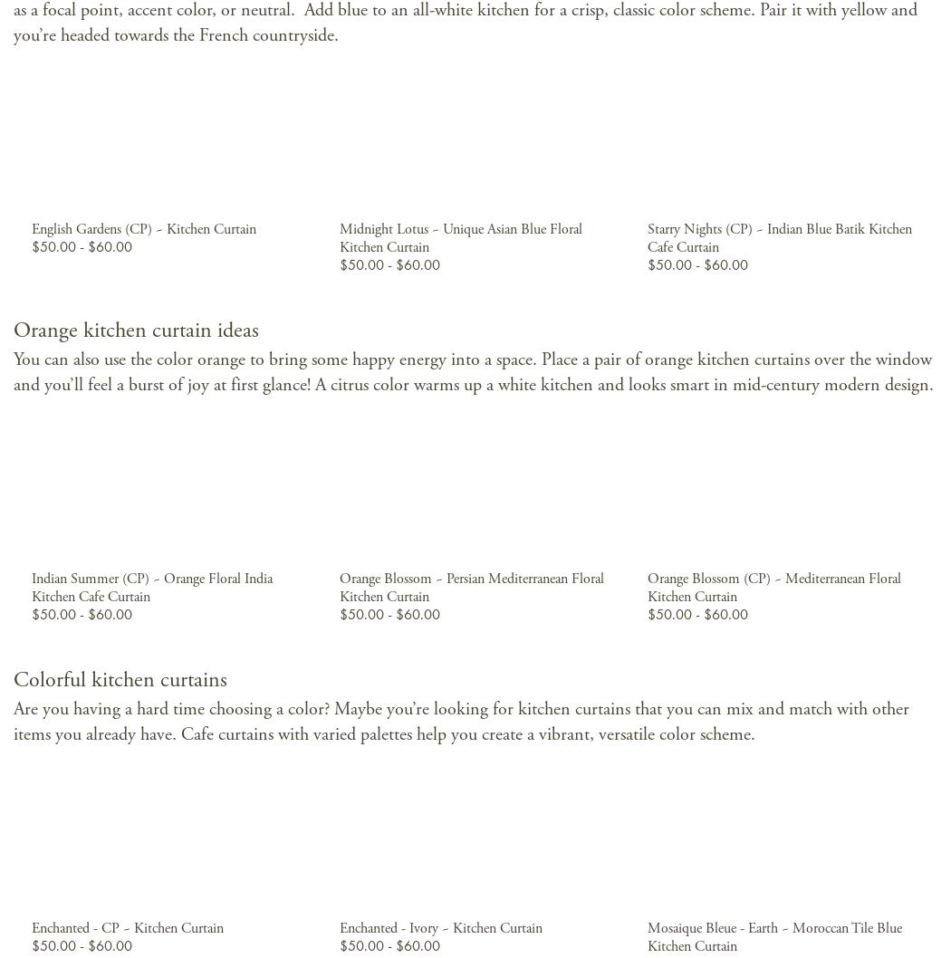 The image size is (951, 958). What do you see at coordinates (469, 586) in the screenshot?
I see `'Orange Blossom ~ Persian Mediterranean Floral Kitchen Curtain'` at bounding box center [469, 586].